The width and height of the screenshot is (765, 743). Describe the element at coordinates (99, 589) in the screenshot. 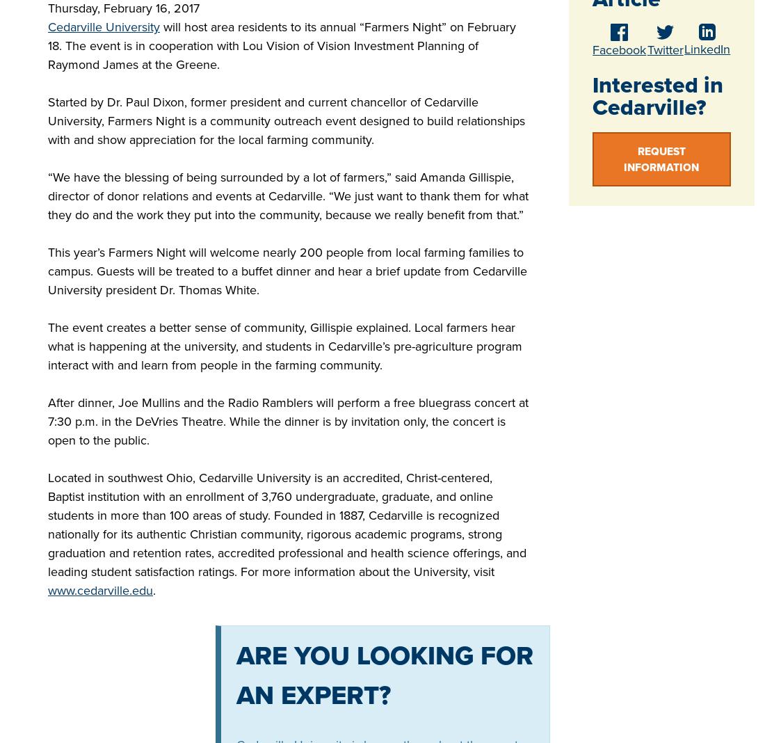

I see `'www.cedarville.edu'` at that location.